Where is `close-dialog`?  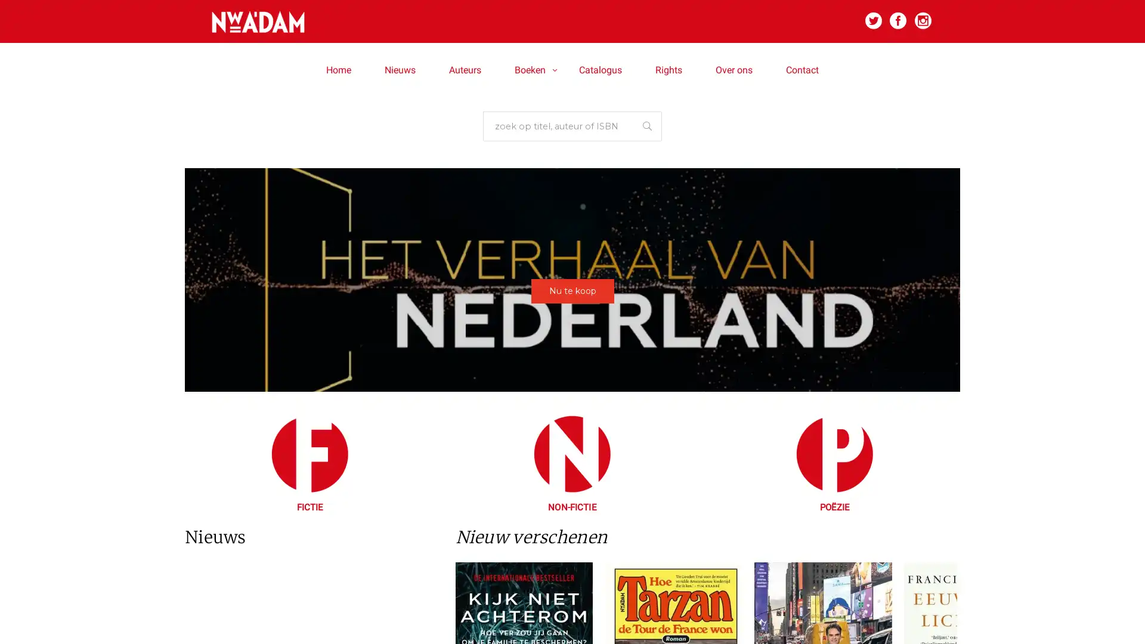
close-dialog is located at coordinates (717, 257).